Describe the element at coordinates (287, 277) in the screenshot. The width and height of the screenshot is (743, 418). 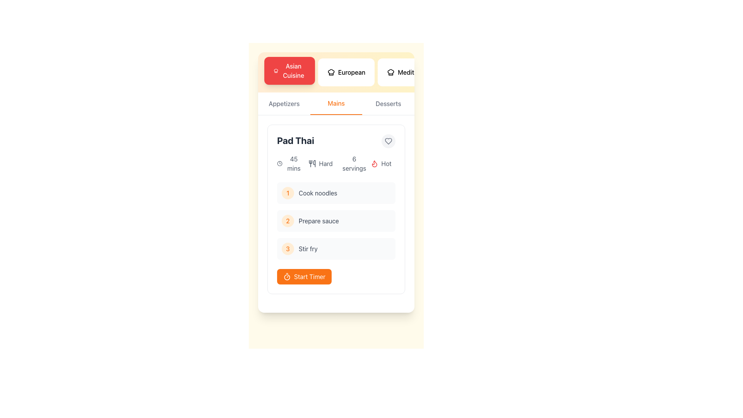
I see `the SVG circle element that is part of the timer icon located just above the 'Start Timer' button in the 'Pad Thai' recipe step interface` at that location.